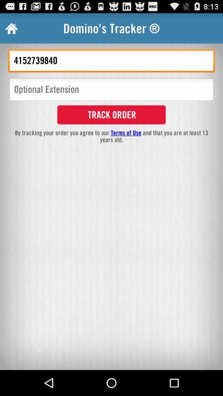 This screenshot has width=223, height=396. Describe the element at coordinates (111, 90) in the screenshot. I see `optional extension` at that location.